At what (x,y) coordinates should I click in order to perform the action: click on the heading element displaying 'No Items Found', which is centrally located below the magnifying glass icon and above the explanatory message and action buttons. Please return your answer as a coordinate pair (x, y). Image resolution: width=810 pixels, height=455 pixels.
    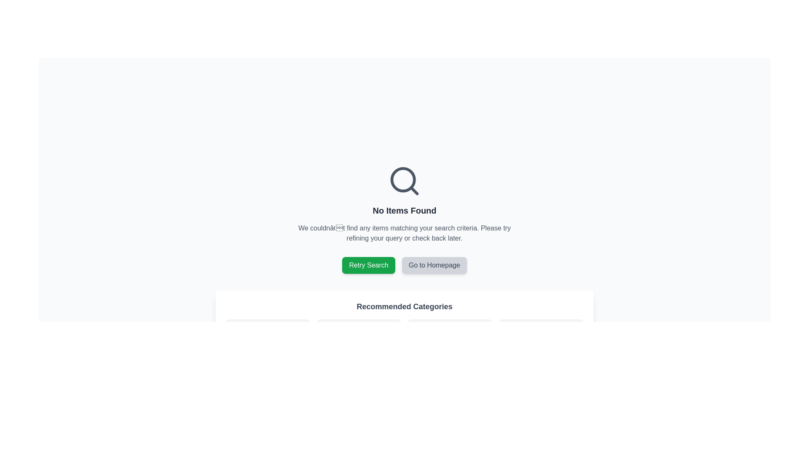
    Looking at the image, I should click on (404, 210).